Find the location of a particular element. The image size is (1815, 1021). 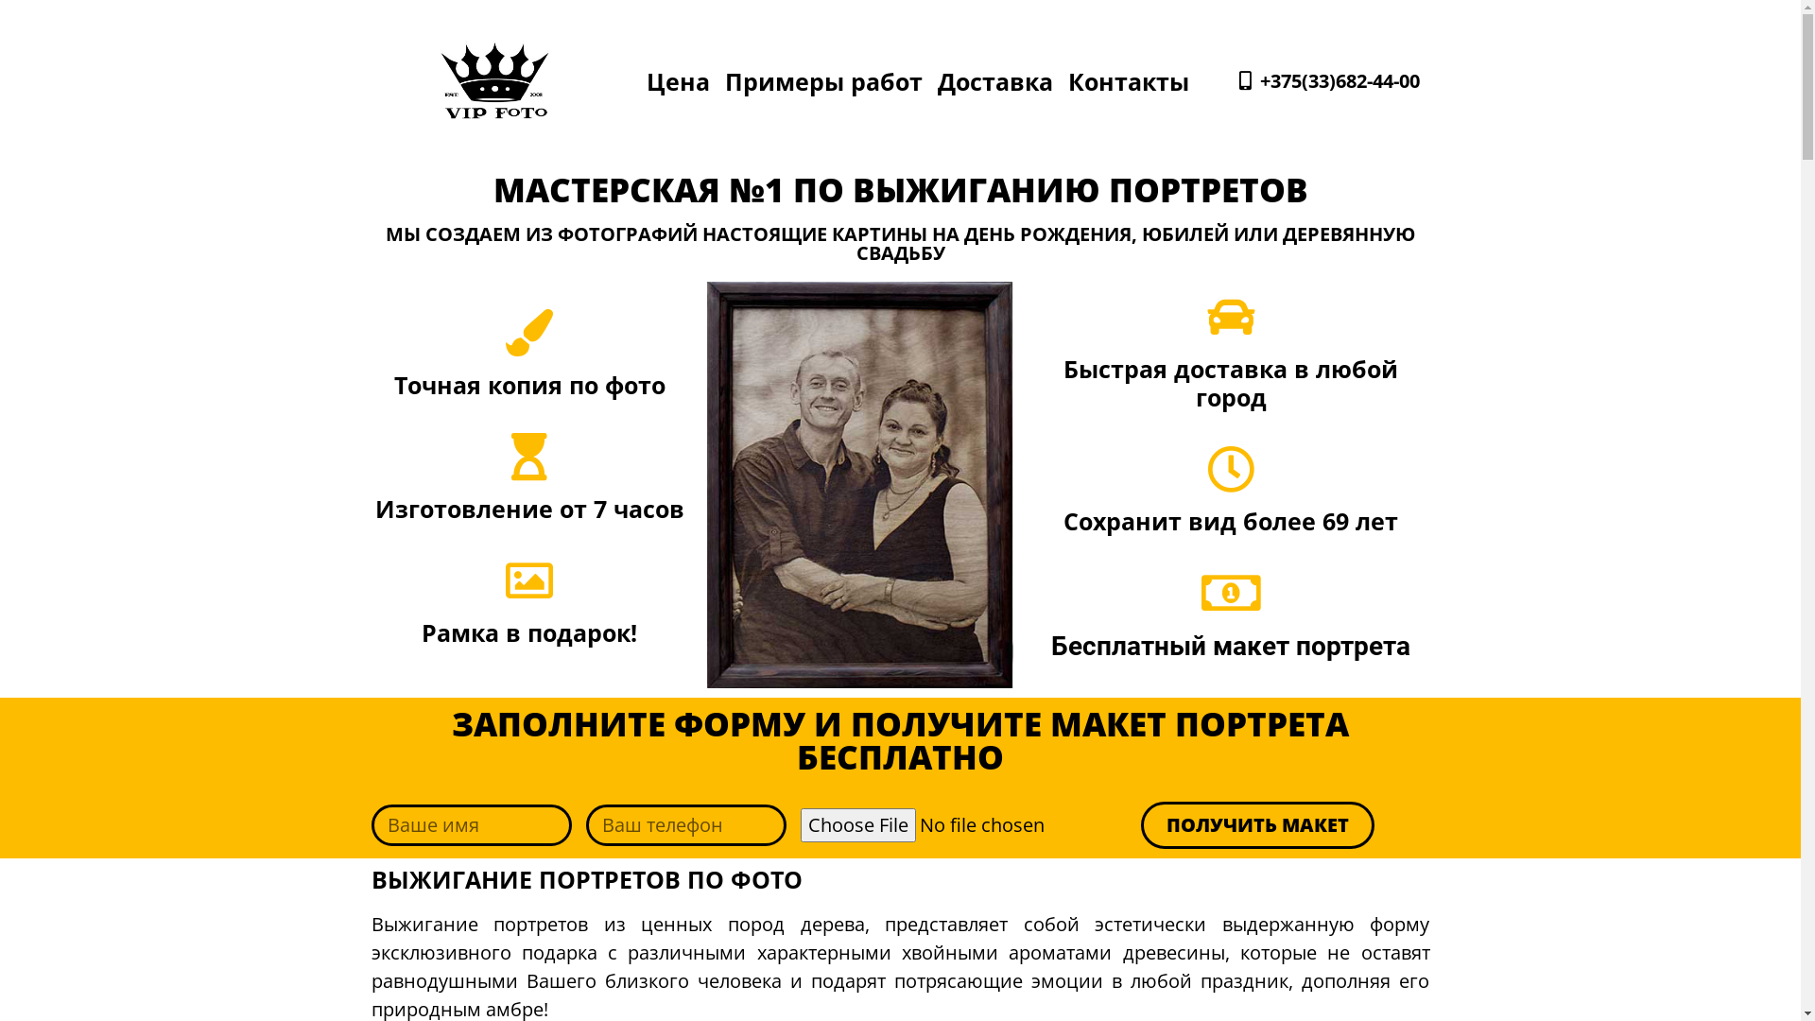

'+375(33)682-44-00' is located at coordinates (1327, 79).